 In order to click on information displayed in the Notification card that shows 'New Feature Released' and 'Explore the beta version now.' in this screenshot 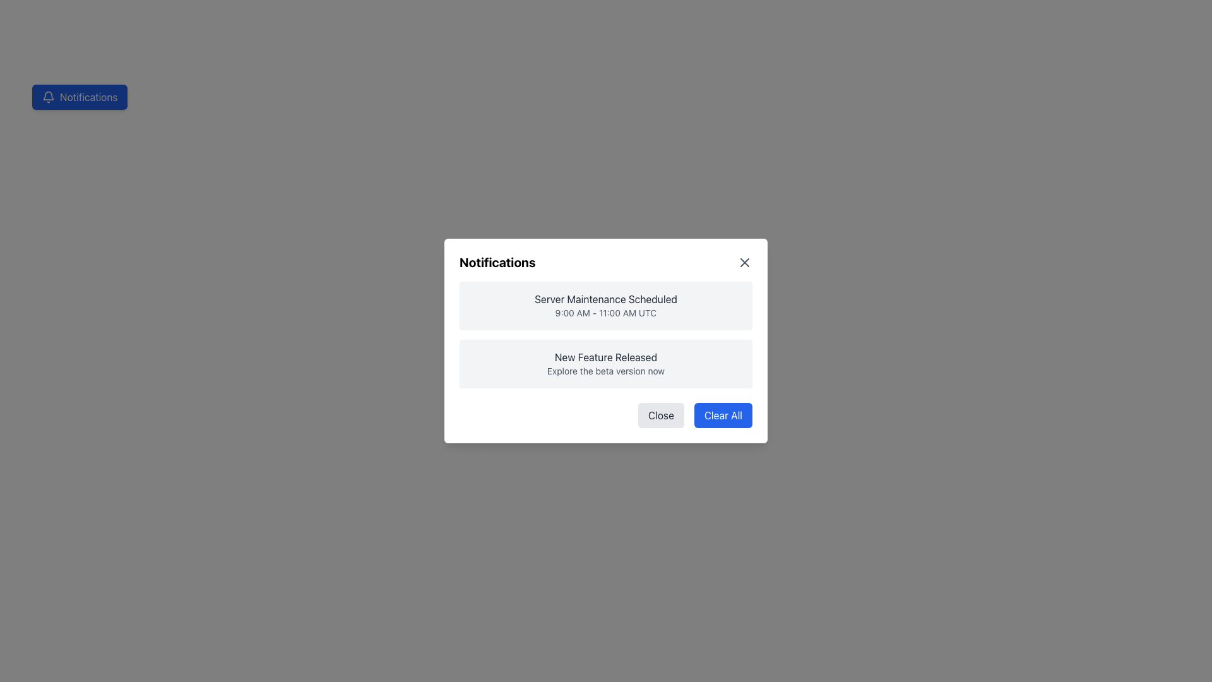, I will do `click(606, 363)`.